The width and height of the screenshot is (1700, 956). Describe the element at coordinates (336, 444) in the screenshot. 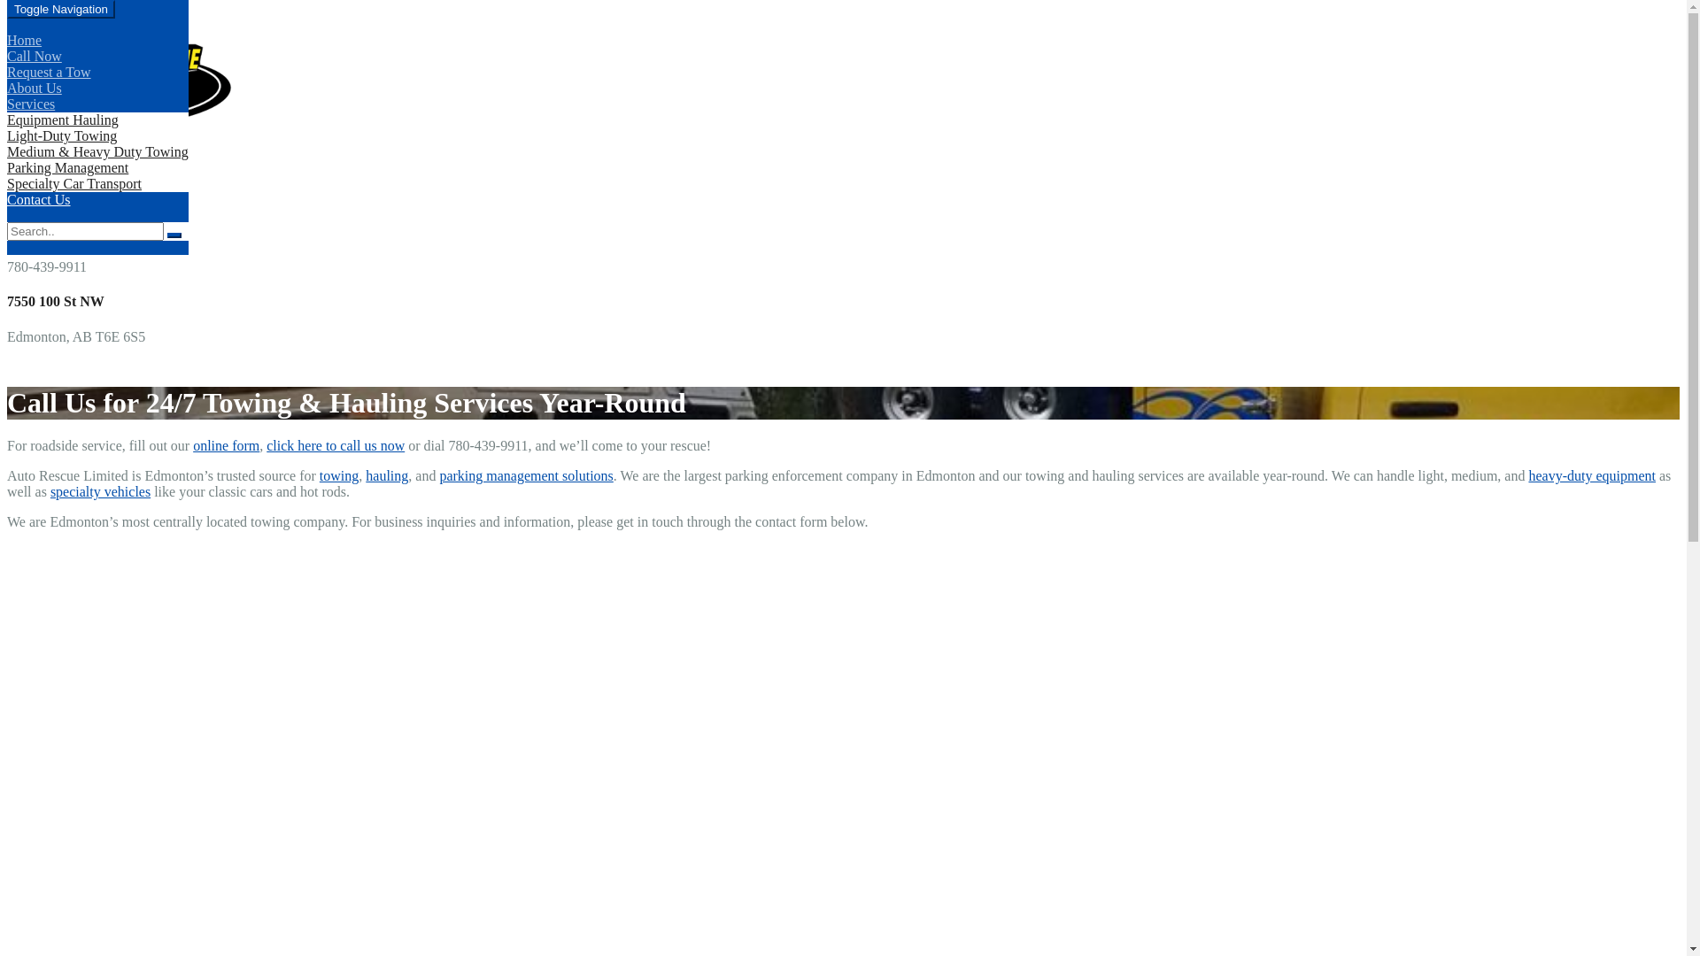

I see `'click here to call us now'` at that location.